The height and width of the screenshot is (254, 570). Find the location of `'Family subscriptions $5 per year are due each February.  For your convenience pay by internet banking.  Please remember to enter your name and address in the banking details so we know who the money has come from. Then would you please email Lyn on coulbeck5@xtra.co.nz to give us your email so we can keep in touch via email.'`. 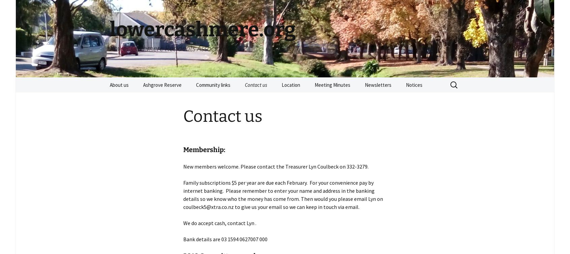

'Family subscriptions $5 per year are due each February.  For your convenience pay by internet banking.  Please remember to enter your name and address in the banking details so we know who the money has come from. Then would you please email Lyn on coulbeck5@xtra.co.nz to give us your email so we can keep in touch via email.' is located at coordinates (183, 194).